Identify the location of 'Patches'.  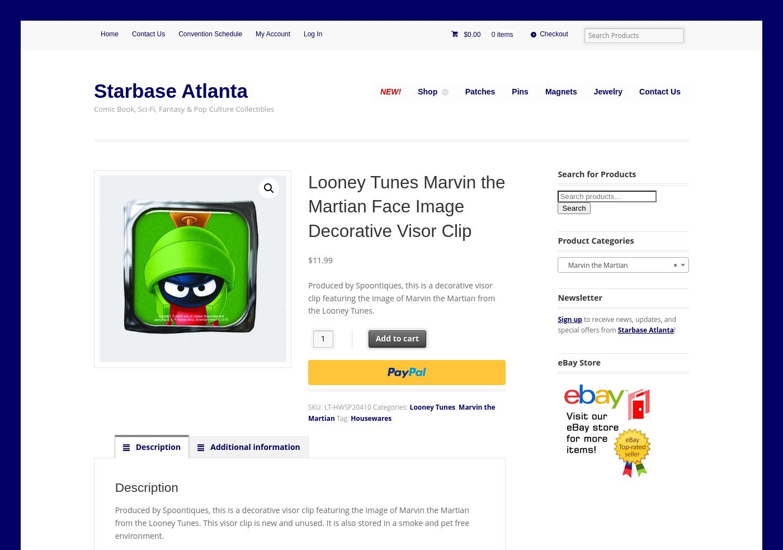
(480, 91).